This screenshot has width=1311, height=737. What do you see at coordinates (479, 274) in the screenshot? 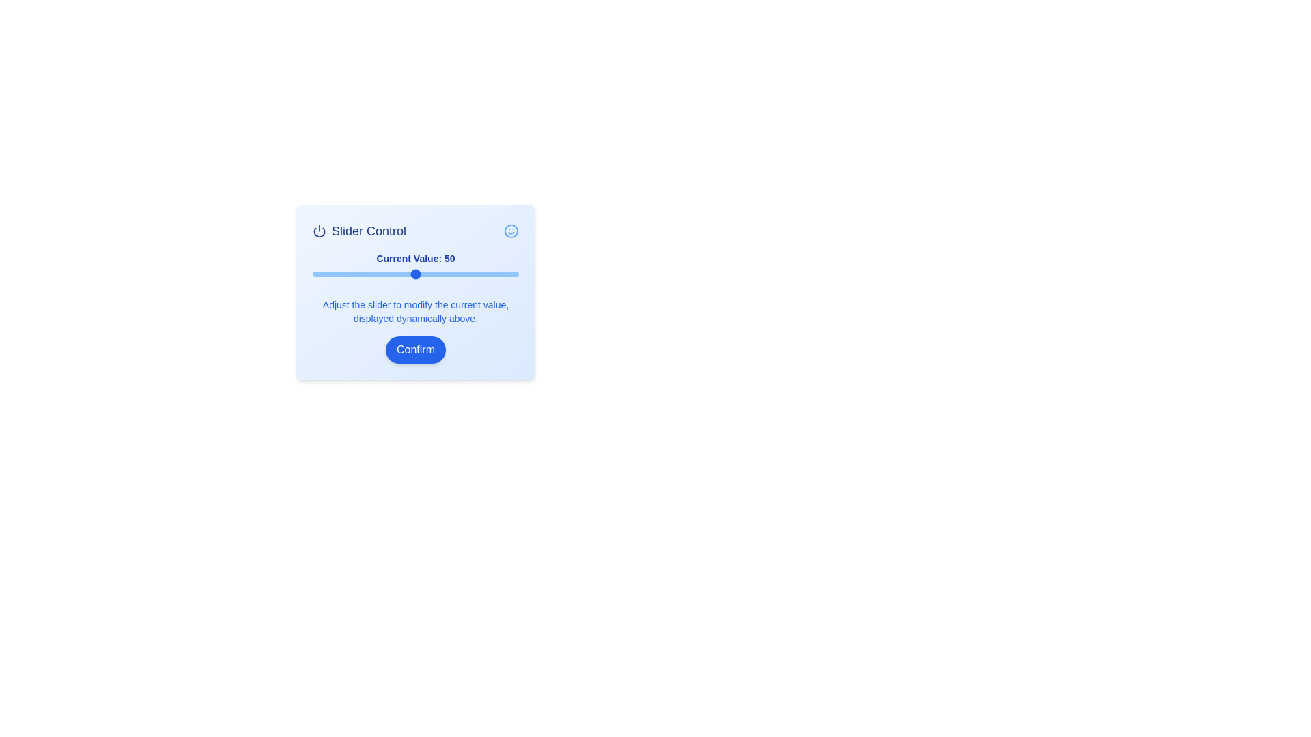
I see `the slider value` at bounding box center [479, 274].